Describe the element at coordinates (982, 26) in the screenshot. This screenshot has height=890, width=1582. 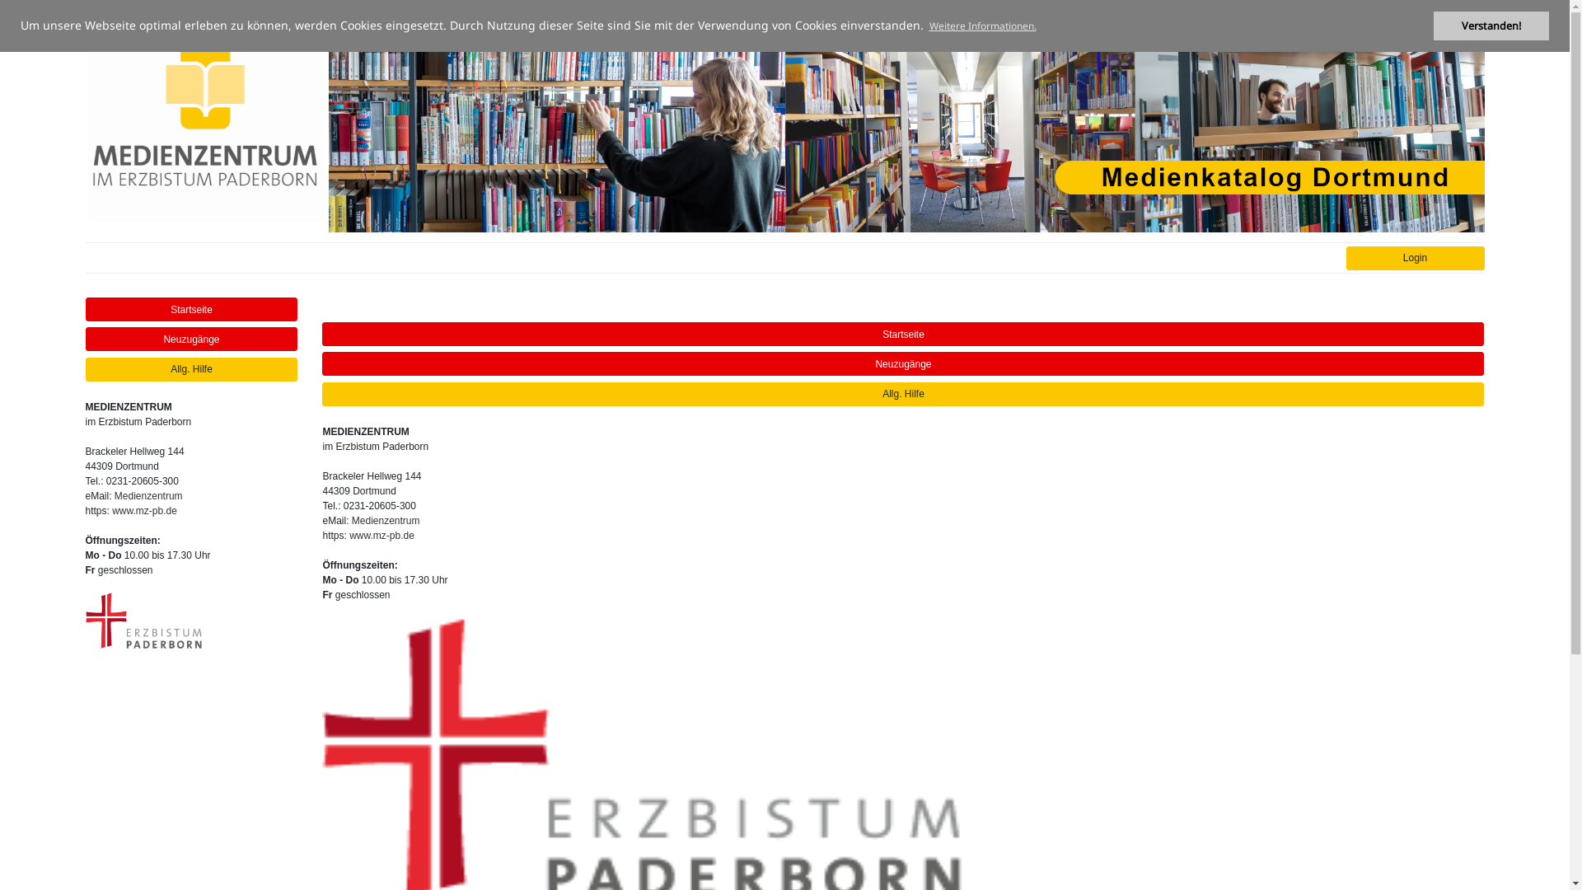
I see `'Weitere Informationen.'` at that location.